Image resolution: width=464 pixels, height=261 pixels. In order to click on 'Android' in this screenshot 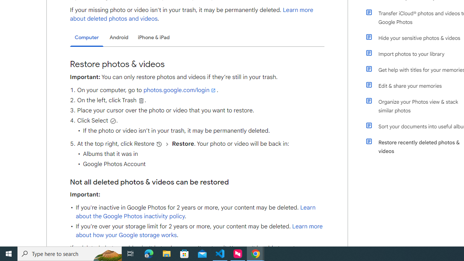, I will do `click(119, 37)`.